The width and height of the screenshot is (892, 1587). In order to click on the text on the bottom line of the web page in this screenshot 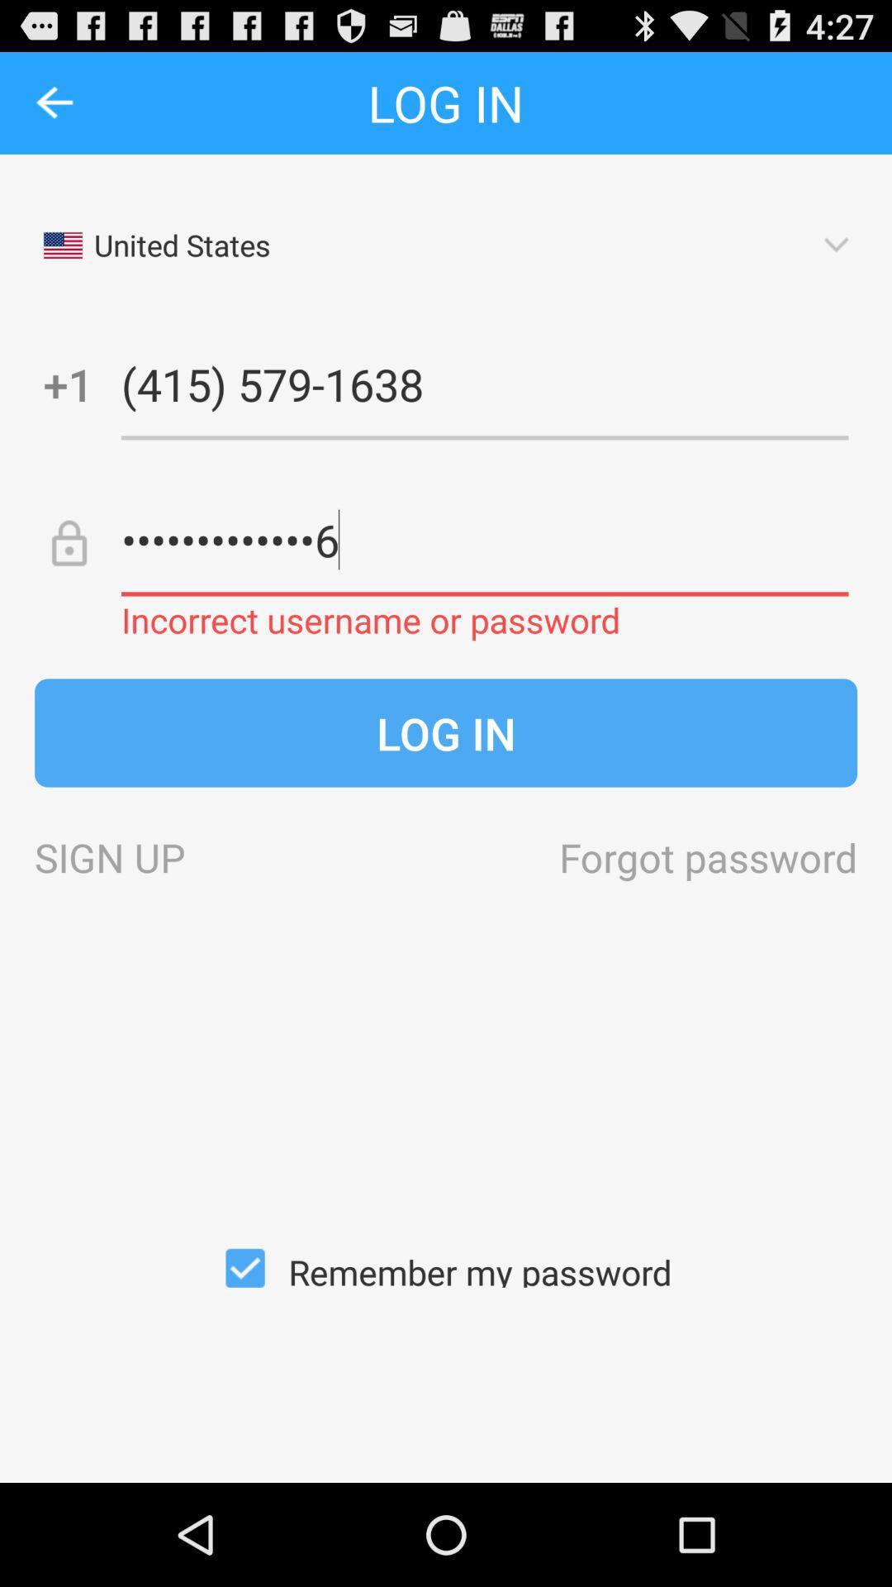, I will do `click(446, 1267)`.